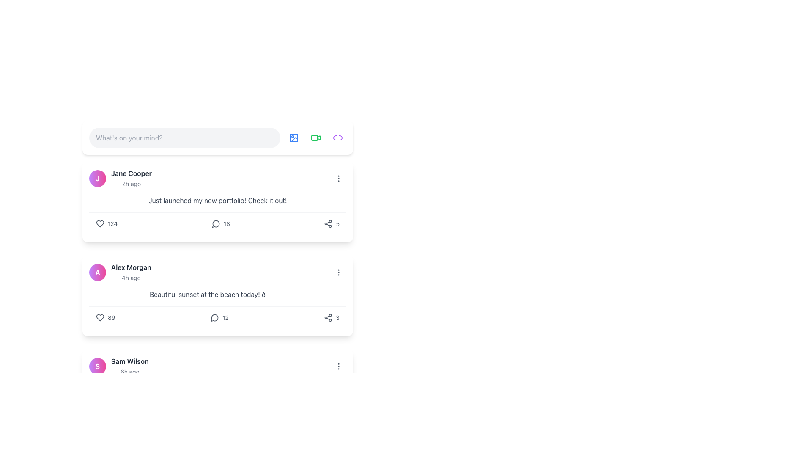 The height and width of the screenshot is (457, 812). I want to click on the Profile Header Information for 'Alex Morgan', which includes the avatar and the text 'Alex Morgan' followed by '4h ago', so click(120, 273).